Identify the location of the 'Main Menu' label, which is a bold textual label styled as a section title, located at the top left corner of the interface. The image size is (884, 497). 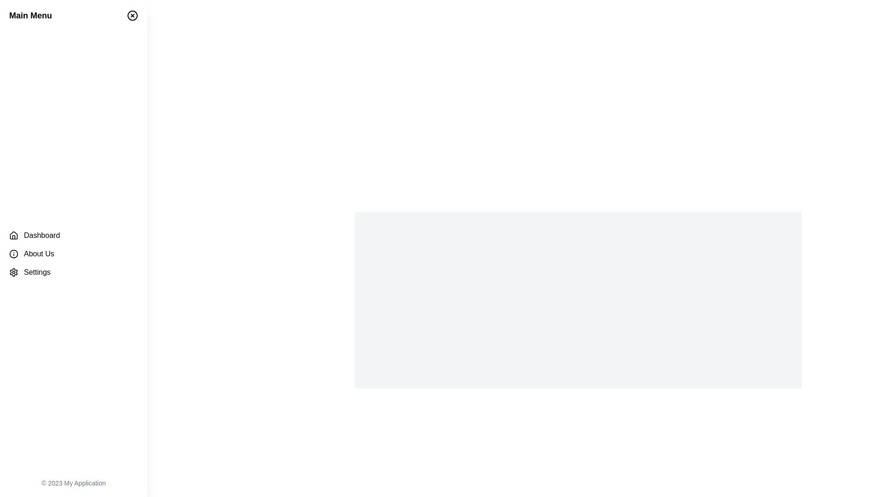
(30, 16).